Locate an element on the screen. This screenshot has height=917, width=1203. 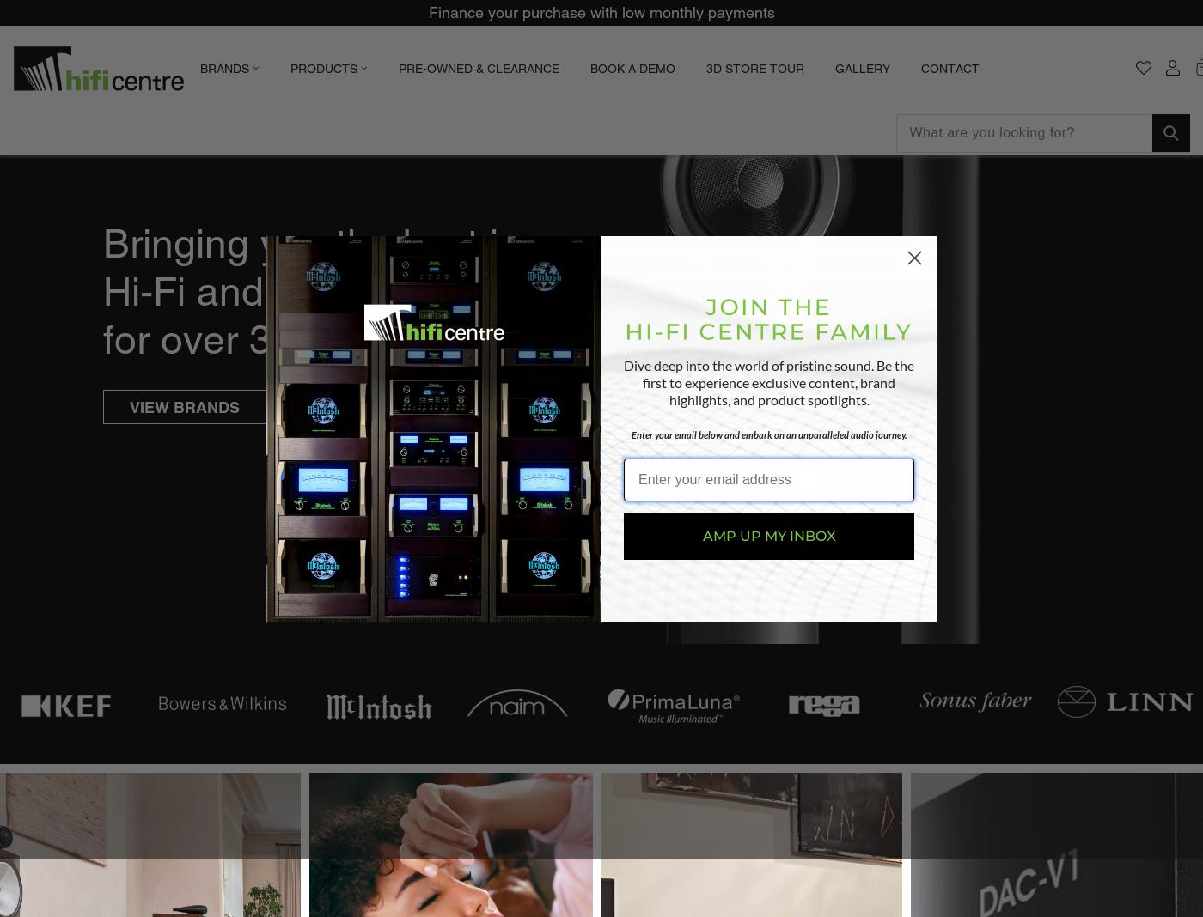
'JVC' is located at coordinates (355, 356).